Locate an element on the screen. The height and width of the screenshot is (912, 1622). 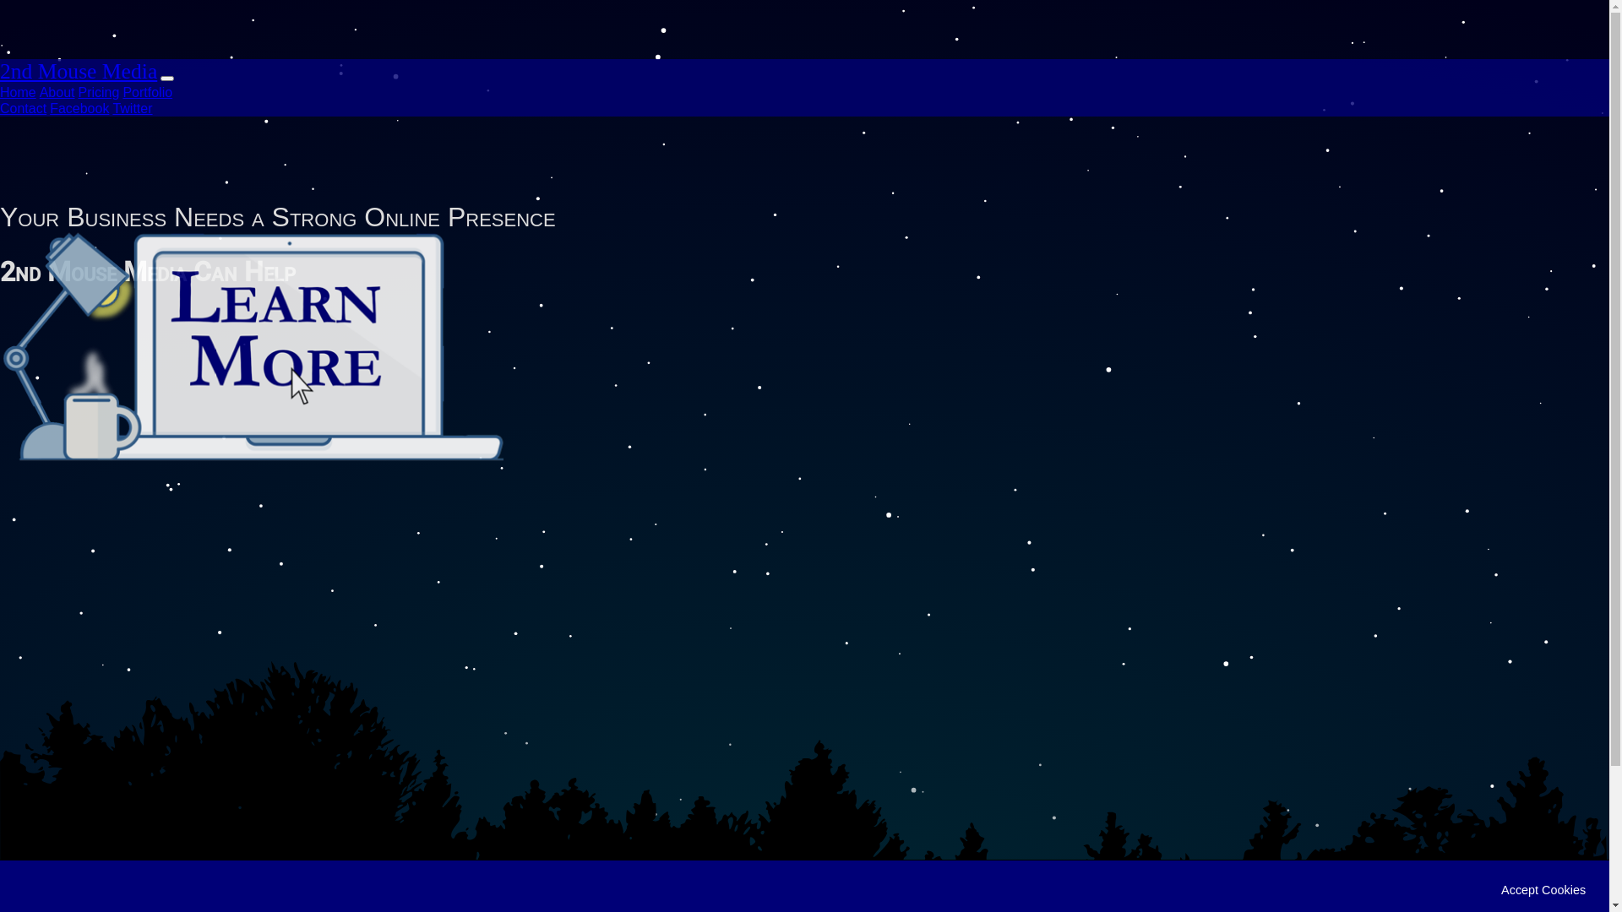
'About' is located at coordinates (57, 92).